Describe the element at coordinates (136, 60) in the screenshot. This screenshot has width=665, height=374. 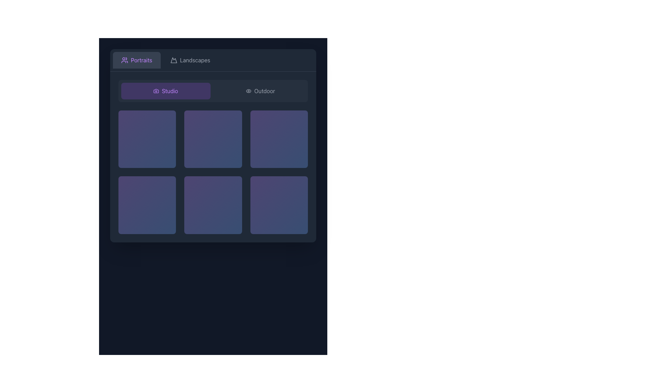
I see `the 'Portraits' category button located at the top-left of the navigation bar` at that location.